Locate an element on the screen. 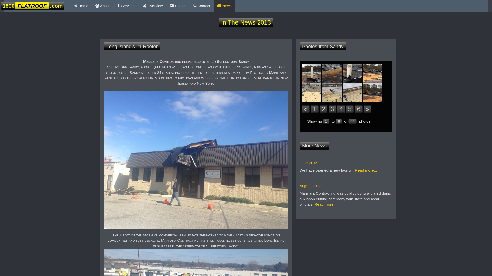 This screenshot has height=276, width=492. ' Services' is located at coordinates (126, 6).